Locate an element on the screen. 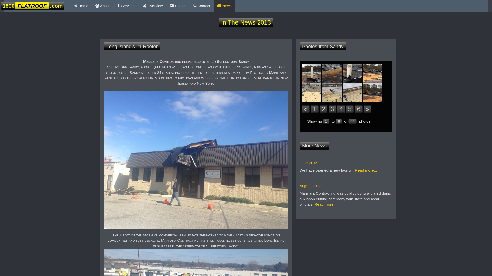 This screenshot has height=276, width=492. ' Services' is located at coordinates (126, 6).